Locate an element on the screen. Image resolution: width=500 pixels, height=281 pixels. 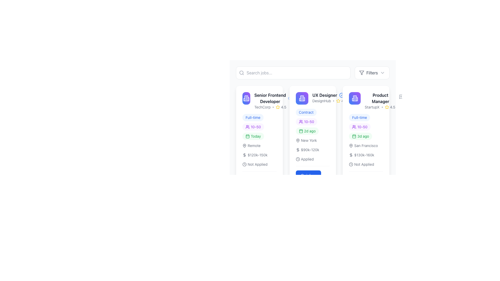
the informational text group providing details about the job's location, salary range, and application status in the 'Product Manager' card located at the bottom right section of the card is located at coordinates (366, 155).